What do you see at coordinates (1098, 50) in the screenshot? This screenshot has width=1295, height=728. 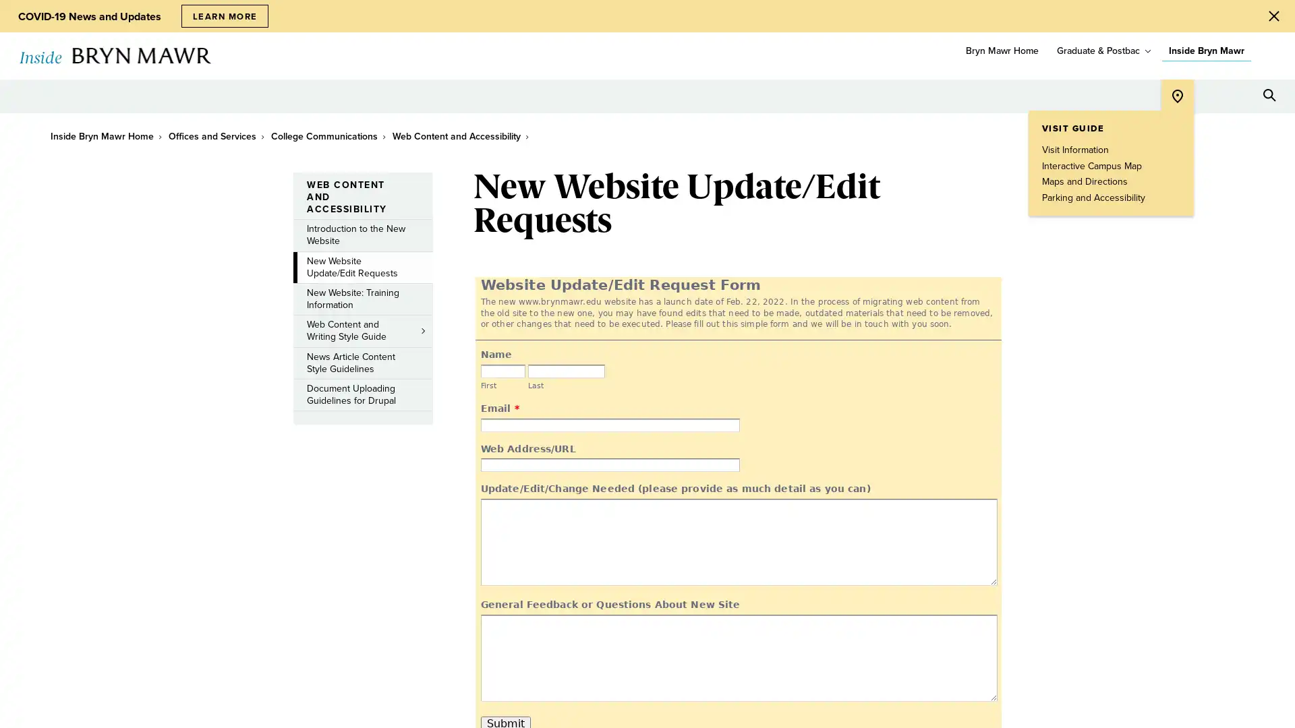 I see `Graduate & Postbac` at bounding box center [1098, 50].